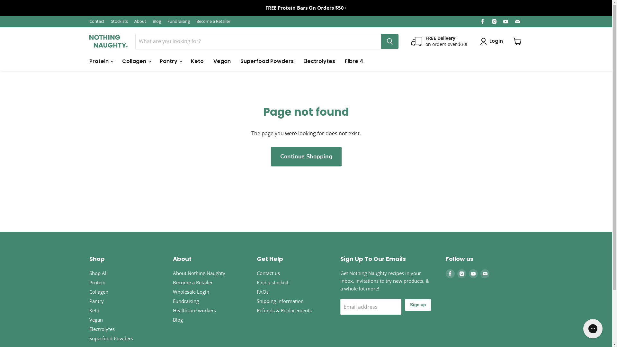 The width and height of the screenshot is (617, 347). Describe the element at coordinates (111, 338) in the screenshot. I see `'Superfood Powders'` at that location.